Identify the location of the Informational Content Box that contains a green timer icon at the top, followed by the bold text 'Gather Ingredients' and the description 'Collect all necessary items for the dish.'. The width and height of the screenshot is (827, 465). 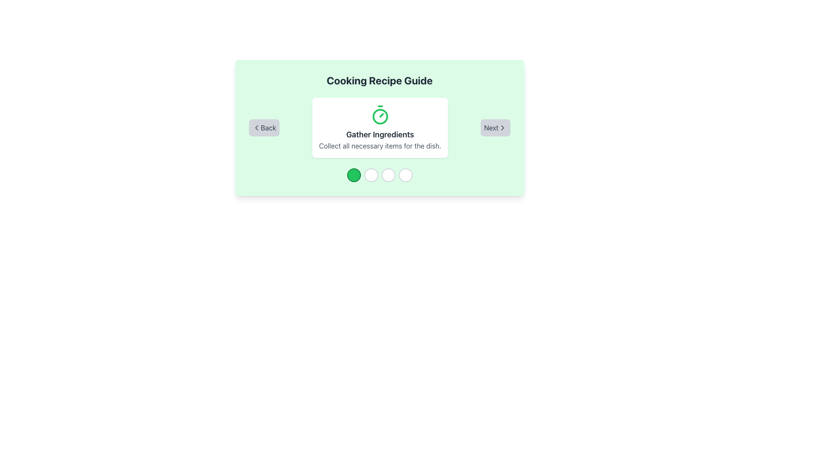
(379, 128).